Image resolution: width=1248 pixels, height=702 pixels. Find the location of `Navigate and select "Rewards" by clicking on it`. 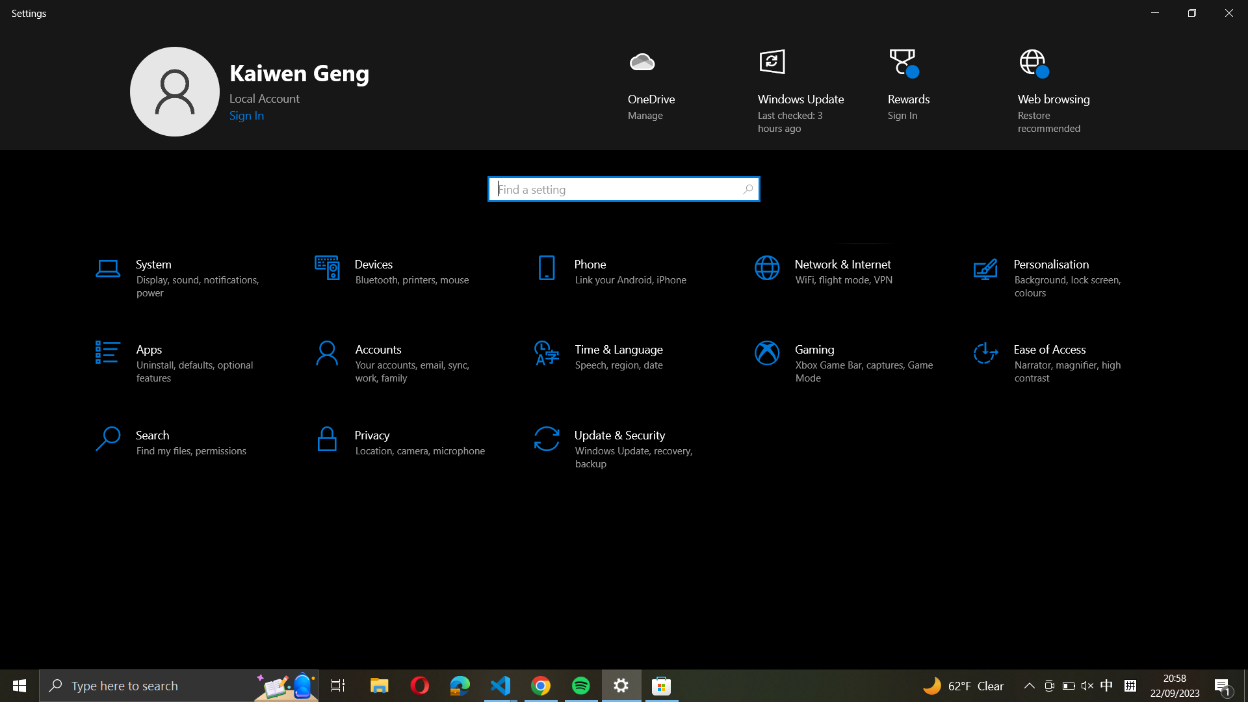

Navigate and select "Rewards" by clicking on it is located at coordinates (914, 91).